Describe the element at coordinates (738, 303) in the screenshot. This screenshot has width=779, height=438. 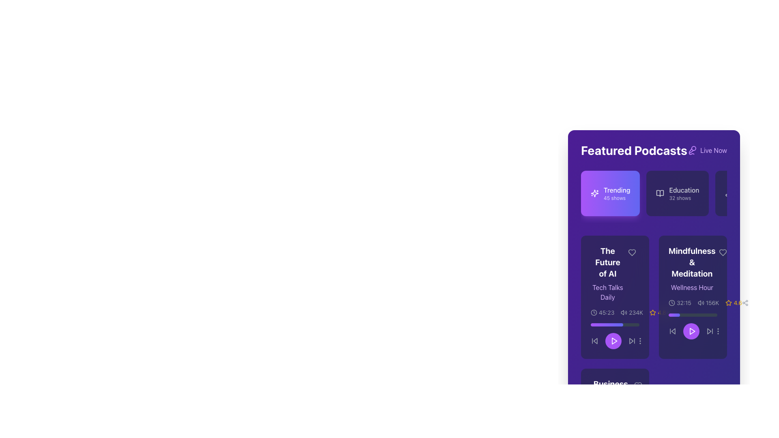
I see `the text label displaying the rating or score (4.6) associated with the podcast in the bottom-right corner of the 'Mindfulness & Meditation' card under 'Featured Podcasts'` at that location.